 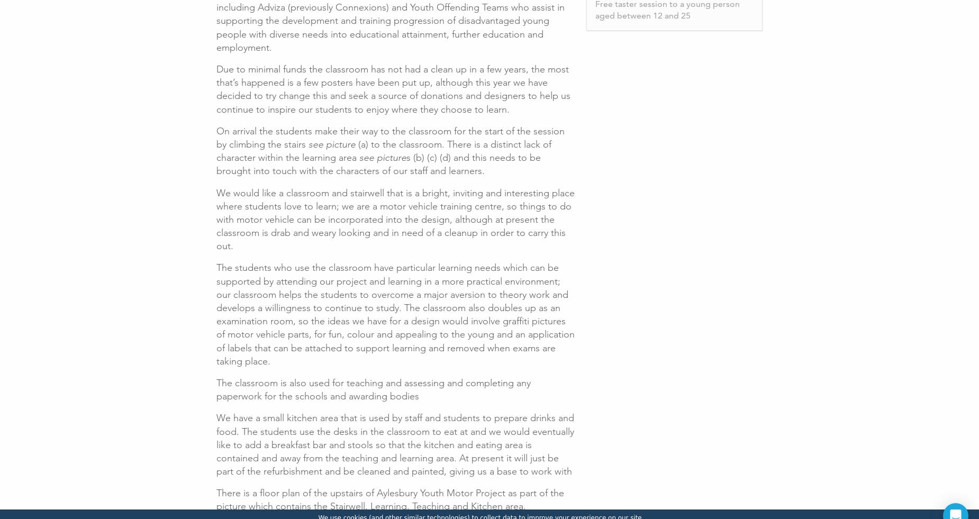 What do you see at coordinates (216, 499) in the screenshot?
I see `'There is a floor plan of the upstairs of Aylesbury Youth Motor Project as part of the picture which contains the Stairwell, Learning, Teaching and Kitchen area.'` at bounding box center [216, 499].